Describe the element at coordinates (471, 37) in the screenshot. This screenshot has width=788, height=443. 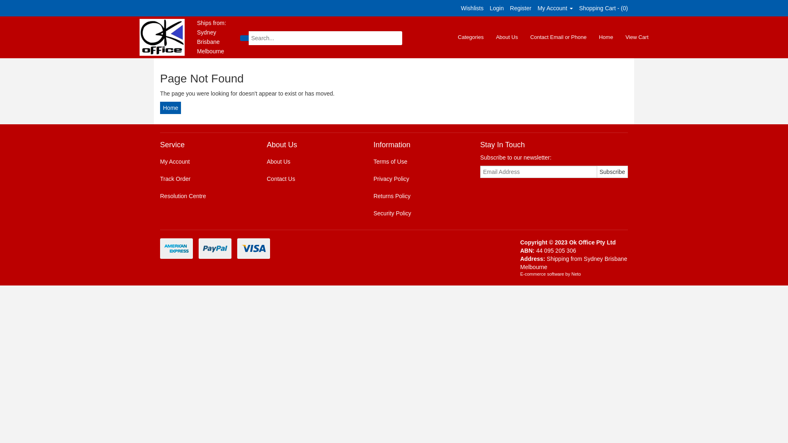
I see `'Categories'` at that location.